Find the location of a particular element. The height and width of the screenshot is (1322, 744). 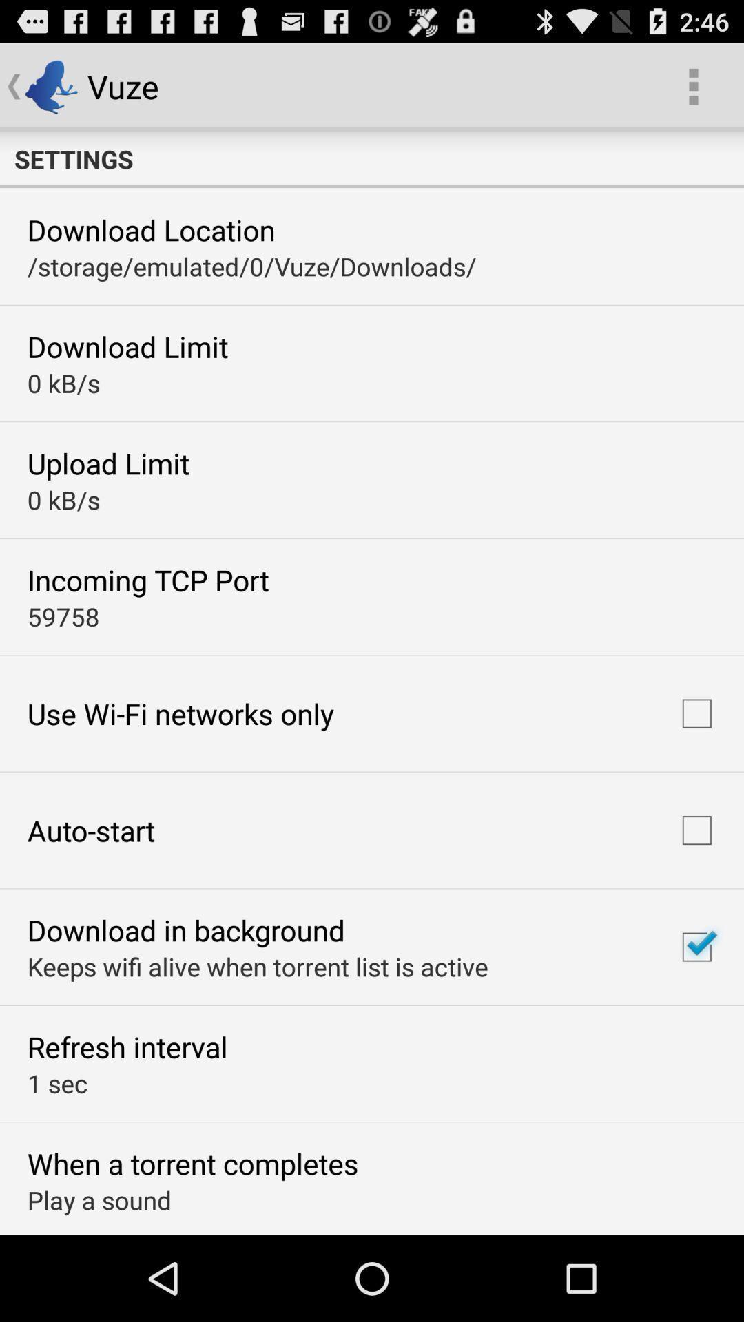

the item below refresh interval icon is located at coordinates (56, 1082).